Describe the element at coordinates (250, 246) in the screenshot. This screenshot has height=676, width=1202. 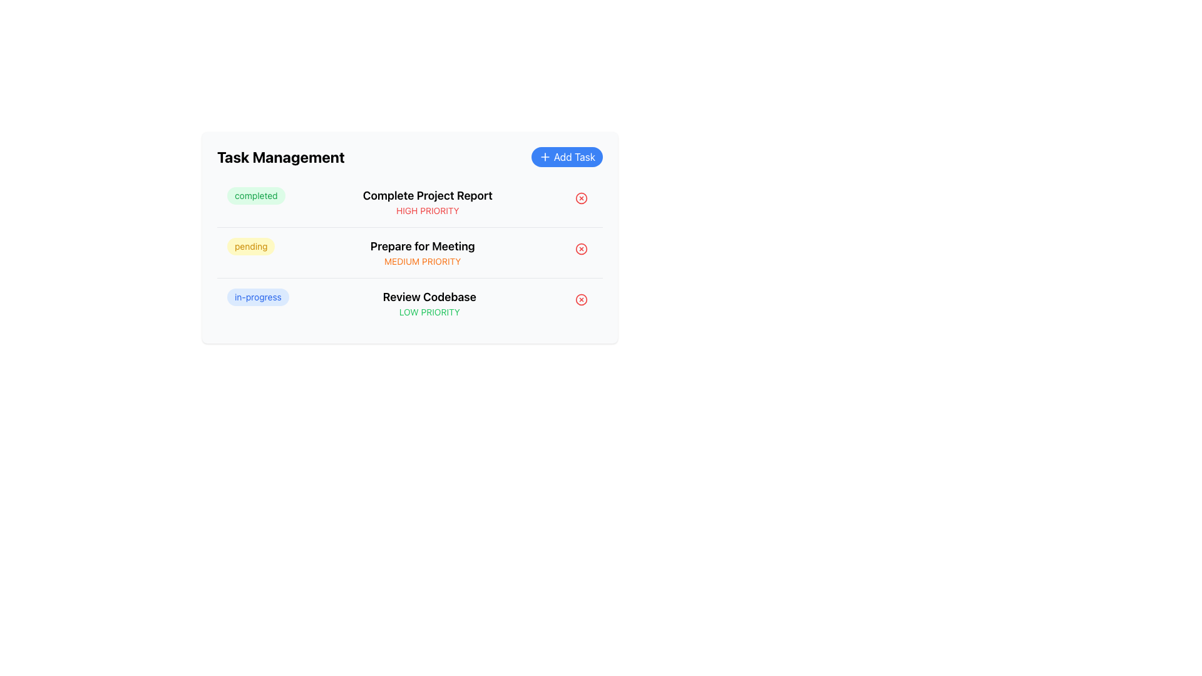
I see `text of the yellow rounded badge that displays 'pending', which indicates the task status for 'Prepare for Meeting'` at that location.